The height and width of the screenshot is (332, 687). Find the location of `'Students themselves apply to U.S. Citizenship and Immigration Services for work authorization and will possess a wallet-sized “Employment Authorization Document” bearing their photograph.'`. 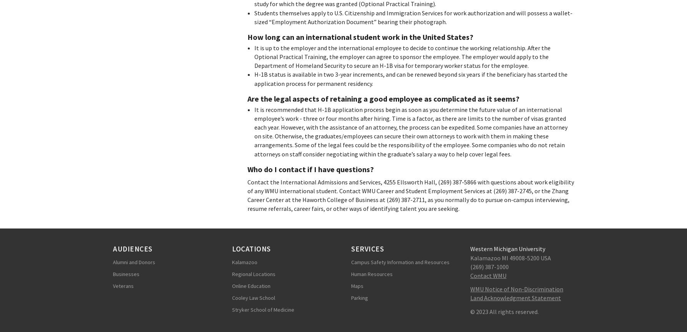

'Students themselves apply to U.S. Citizenship and Immigration Services for work authorization and will possess a wallet-sized “Employment Authorization Document” bearing their photograph.' is located at coordinates (413, 17).